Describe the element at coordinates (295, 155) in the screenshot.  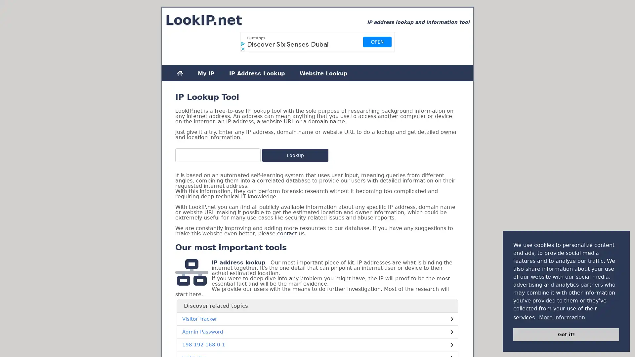
I see `Lookup` at that location.